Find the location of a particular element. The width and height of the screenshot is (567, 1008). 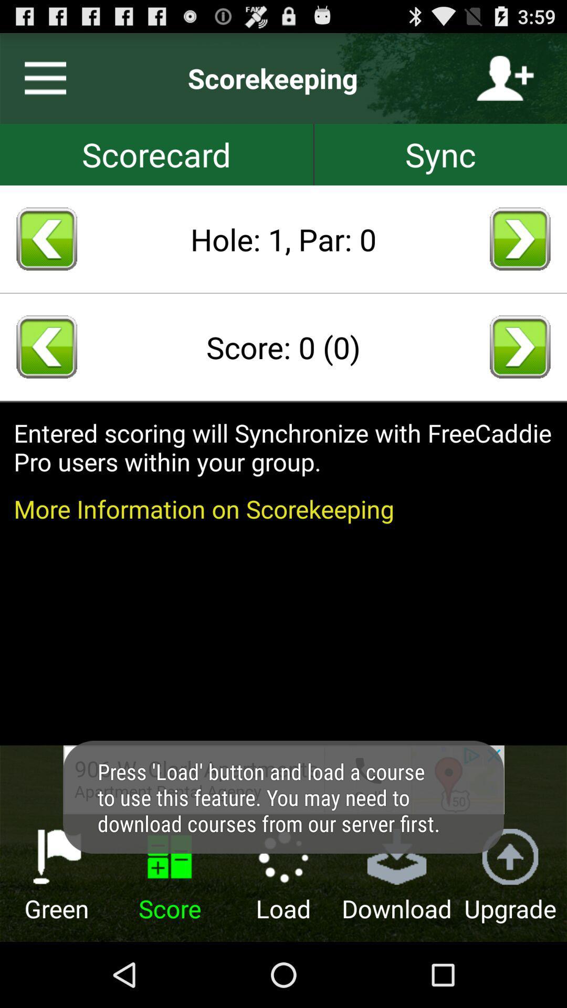

advertisement is located at coordinates (283, 780).